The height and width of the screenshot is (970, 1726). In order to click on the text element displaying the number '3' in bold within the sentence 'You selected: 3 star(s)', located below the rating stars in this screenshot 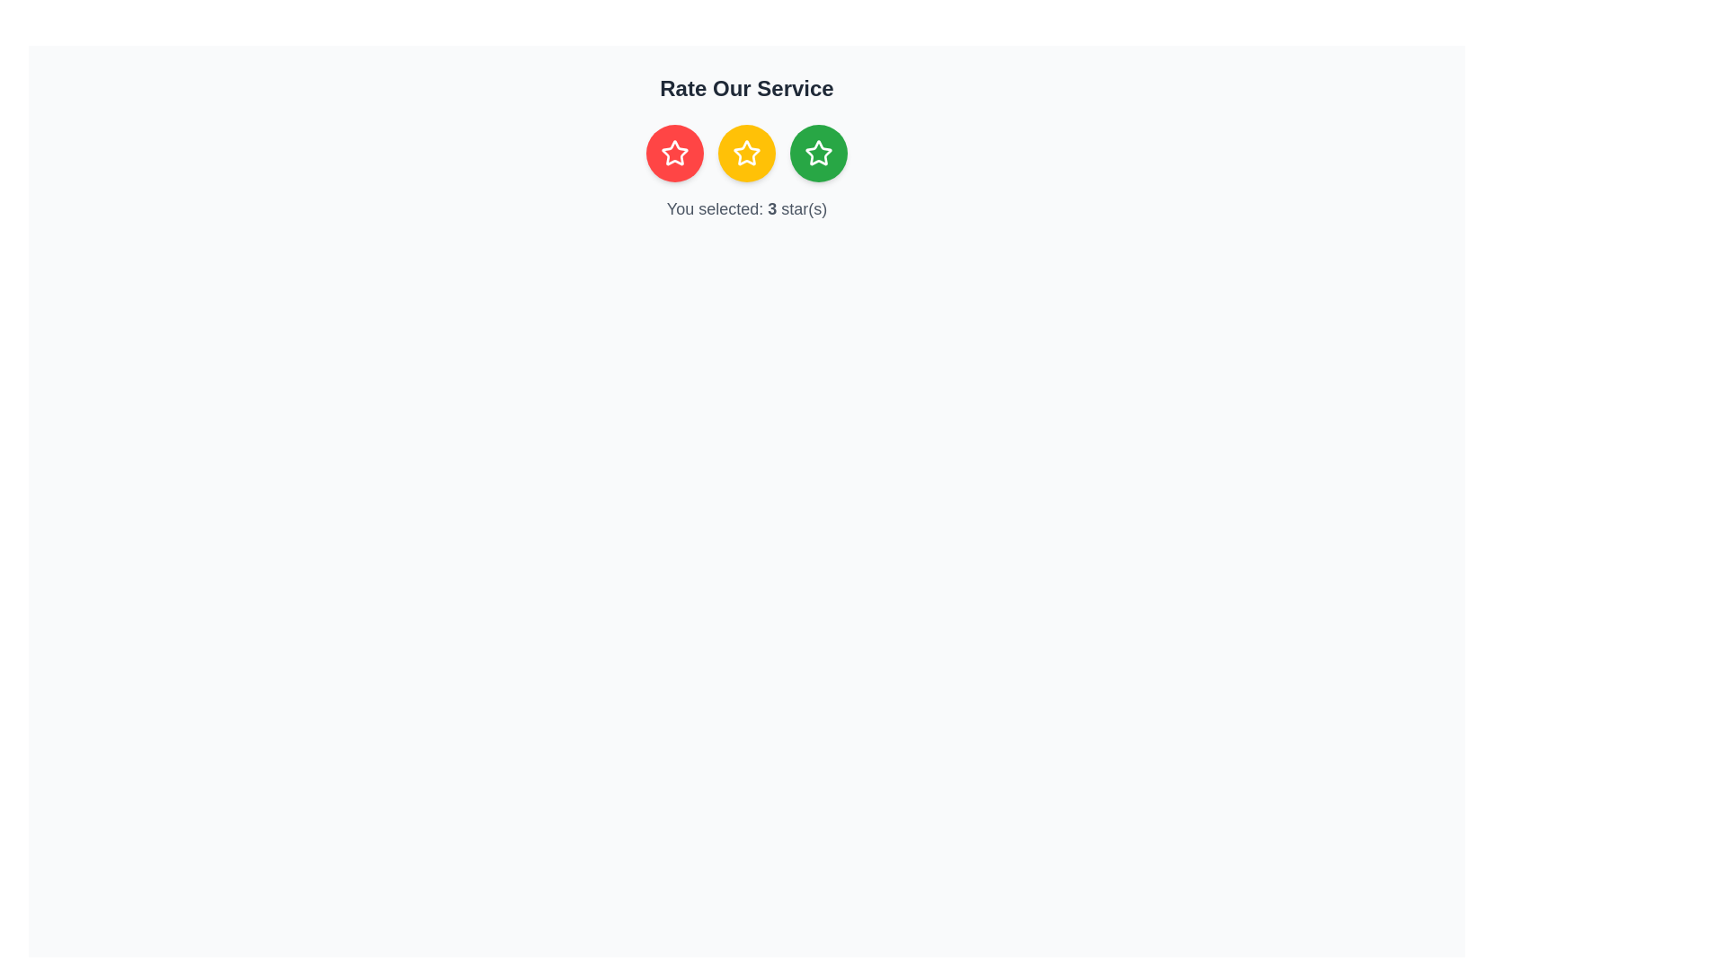, I will do `click(772, 207)`.